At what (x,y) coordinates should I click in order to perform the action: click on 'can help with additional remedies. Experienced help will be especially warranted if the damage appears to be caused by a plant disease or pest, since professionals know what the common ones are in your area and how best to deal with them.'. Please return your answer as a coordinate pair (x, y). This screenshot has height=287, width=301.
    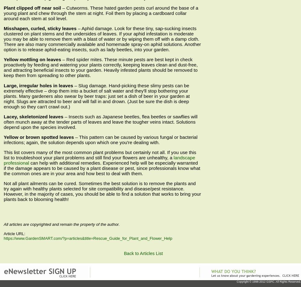
    Looking at the image, I should click on (102, 168).